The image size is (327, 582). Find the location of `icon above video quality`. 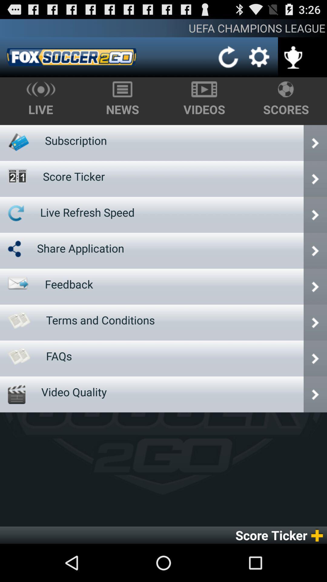

icon above video quality is located at coordinates (59, 356).